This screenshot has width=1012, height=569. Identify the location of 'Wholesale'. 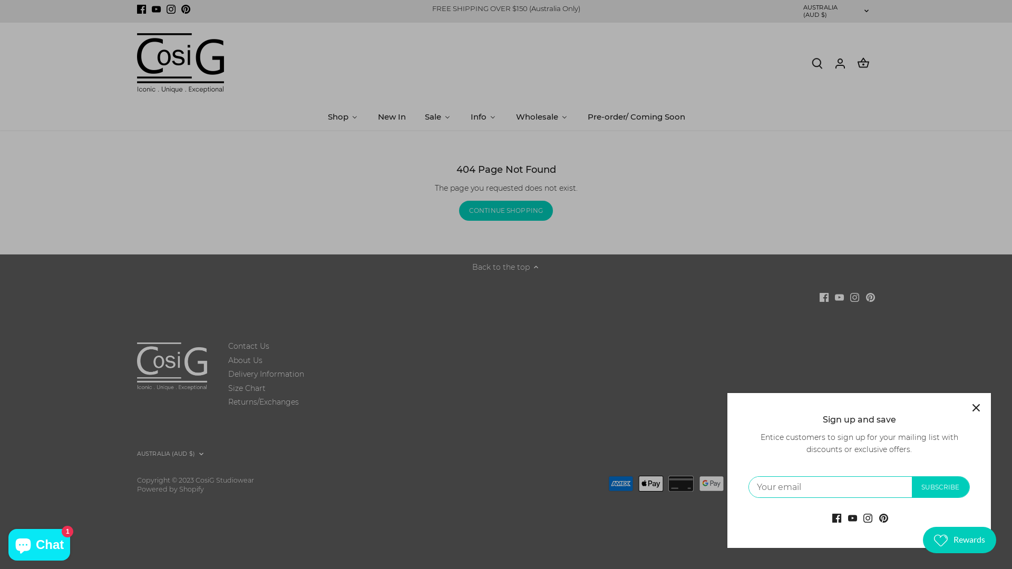
(541, 117).